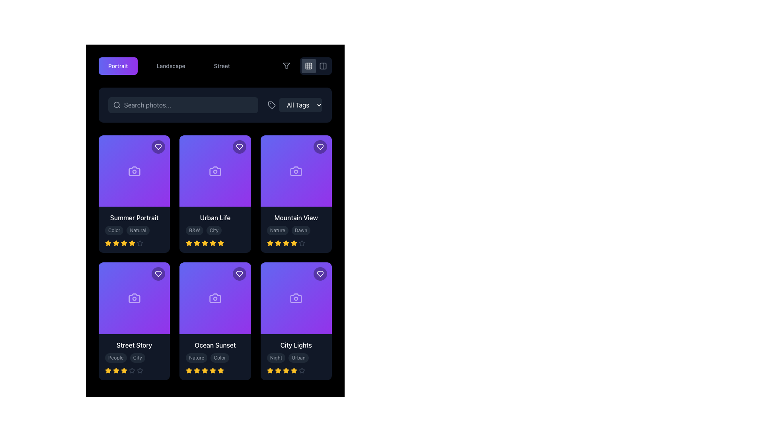  Describe the element at coordinates (301, 243) in the screenshot. I see `the current rating status by interacting with the fifth star icon located under the 'Mountain View' card in the 5-star rating system` at that location.